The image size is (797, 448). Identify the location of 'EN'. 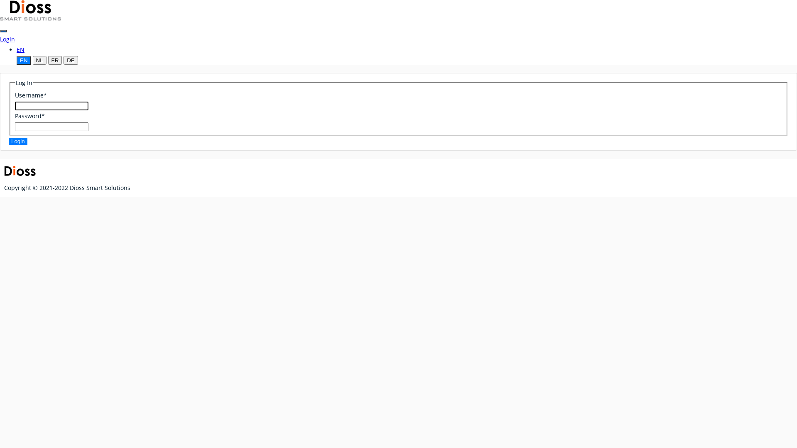
(24, 60).